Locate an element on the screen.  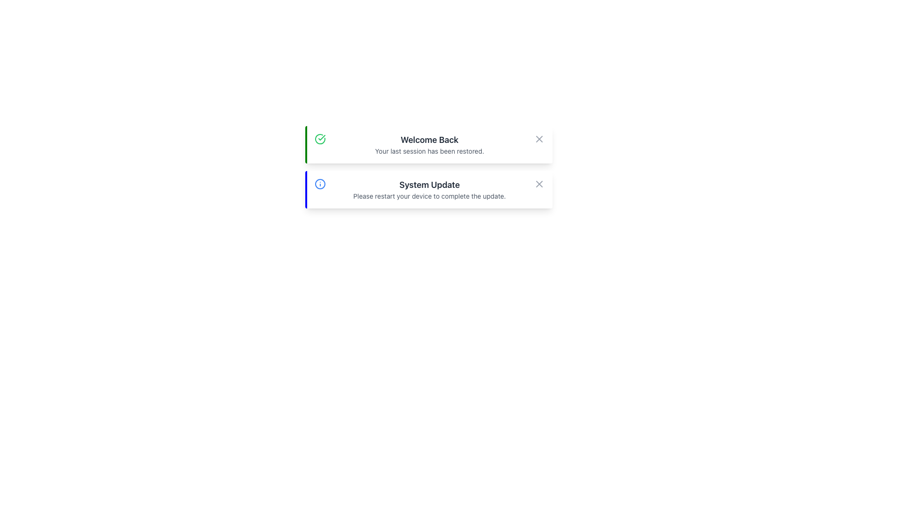
the Close/Dismiss icon located in the top-right corner of the System Update notification box is located at coordinates (539, 184).